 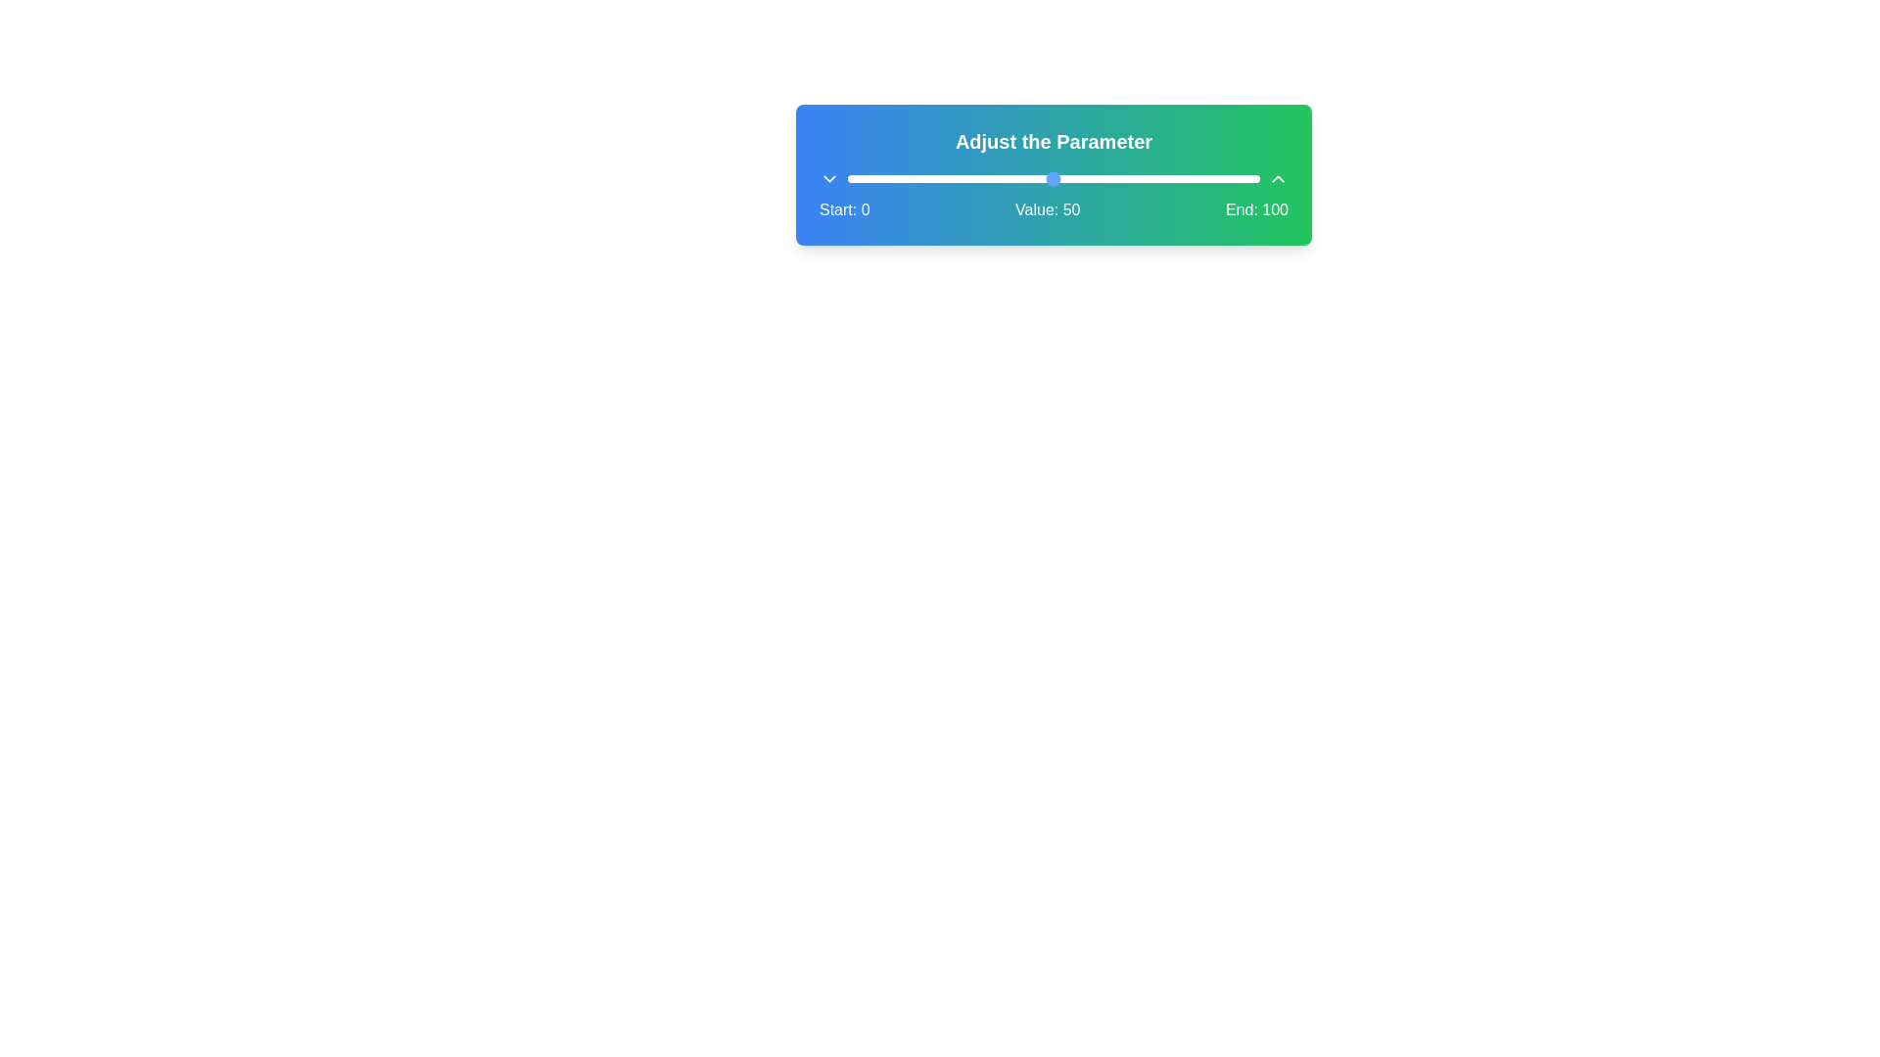 I want to click on the slider value, so click(x=1057, y=178).